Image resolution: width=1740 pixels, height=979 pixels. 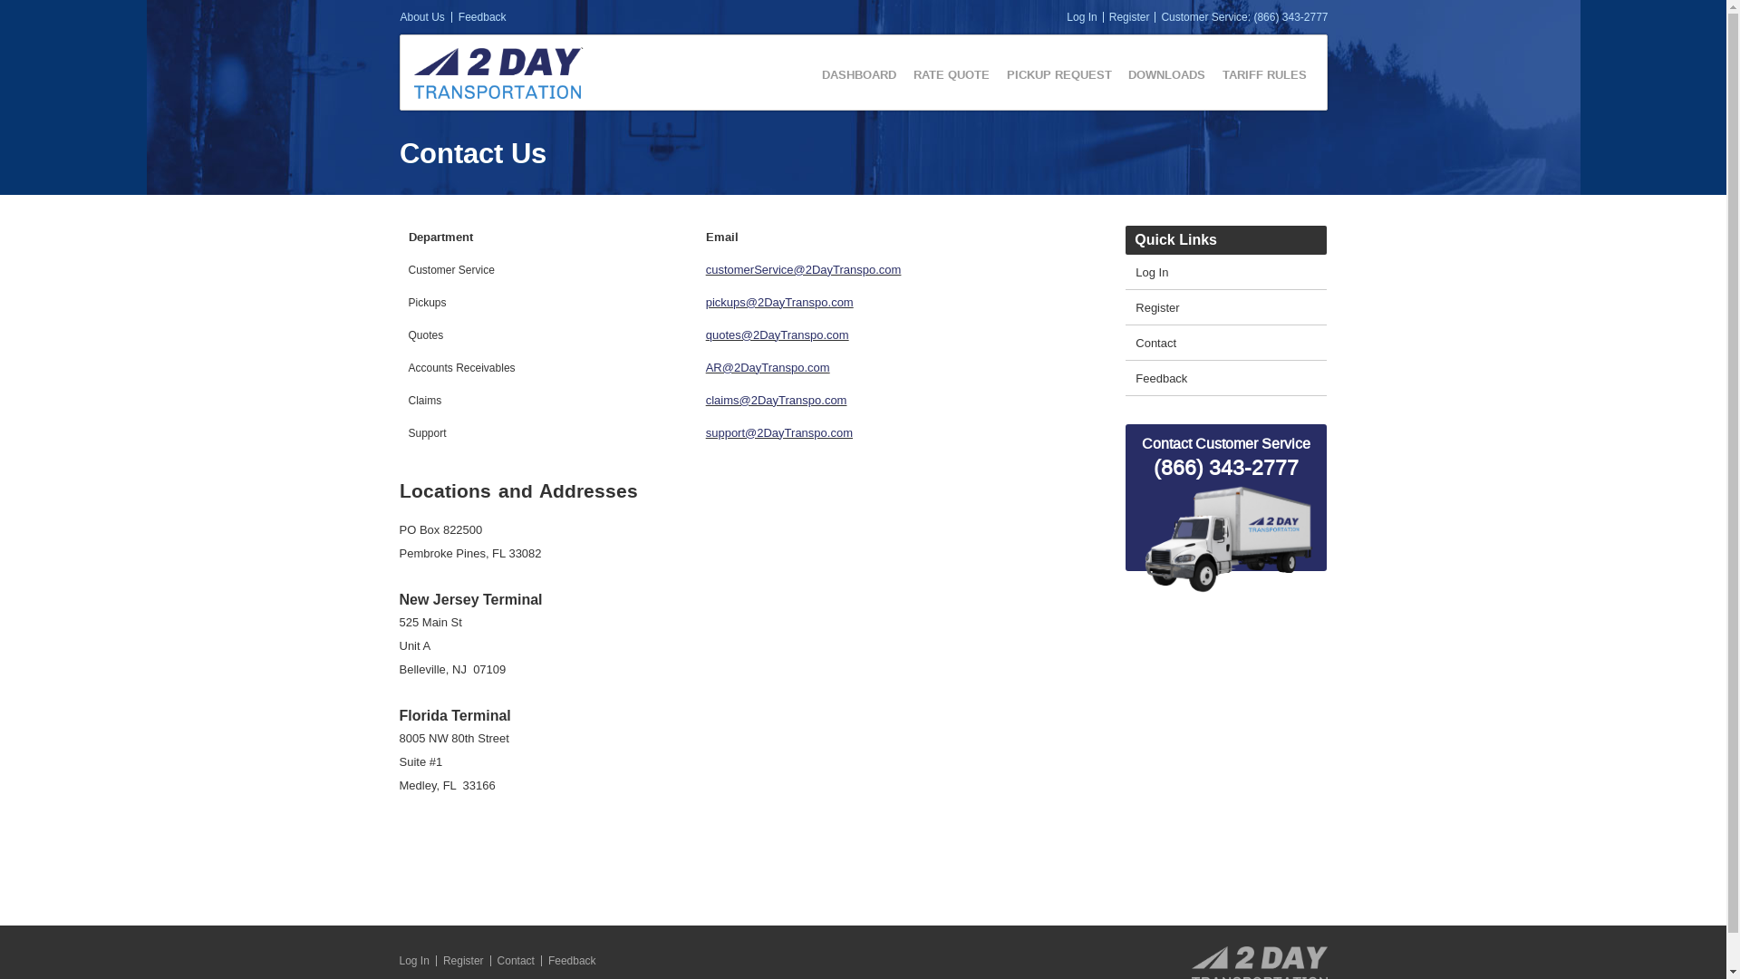 What do you see at coordinates (942, 73) in the screenshot?
I see `'RATE QUOTE'` at bounding box center [942, 73].